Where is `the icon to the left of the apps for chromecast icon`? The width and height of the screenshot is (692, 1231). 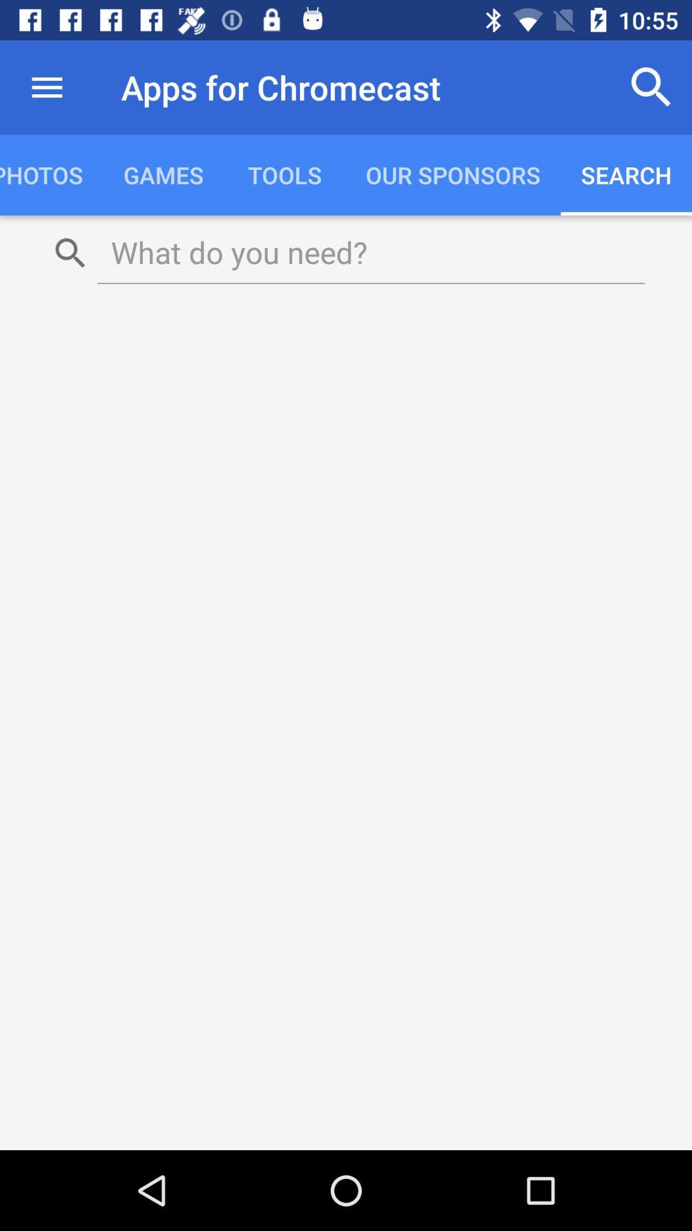
the icon to the left of the apps for chromecast icon is located at coordinates (46, 87).